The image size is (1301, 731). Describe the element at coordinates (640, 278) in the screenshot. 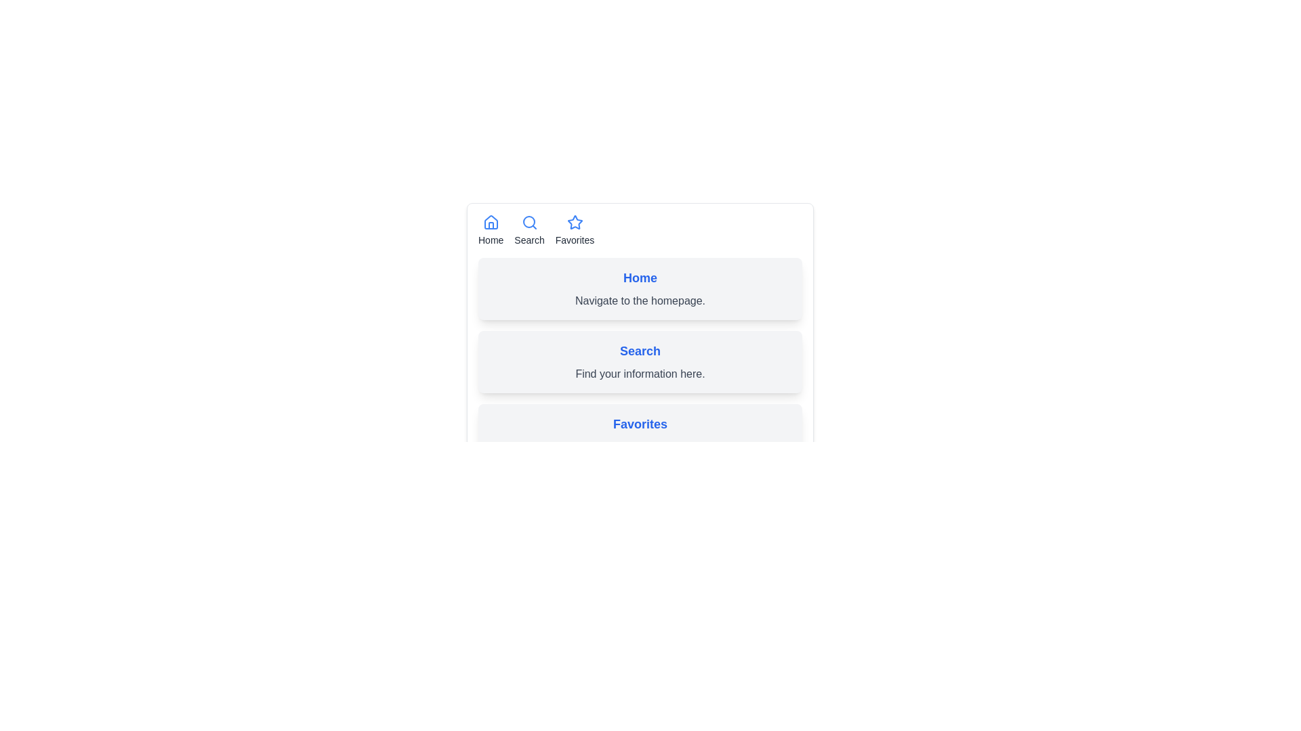

I see `the text label that serves as a header or title, located at the top of a light grey, rounded box, which guides users about the section's content or actions` at that location.